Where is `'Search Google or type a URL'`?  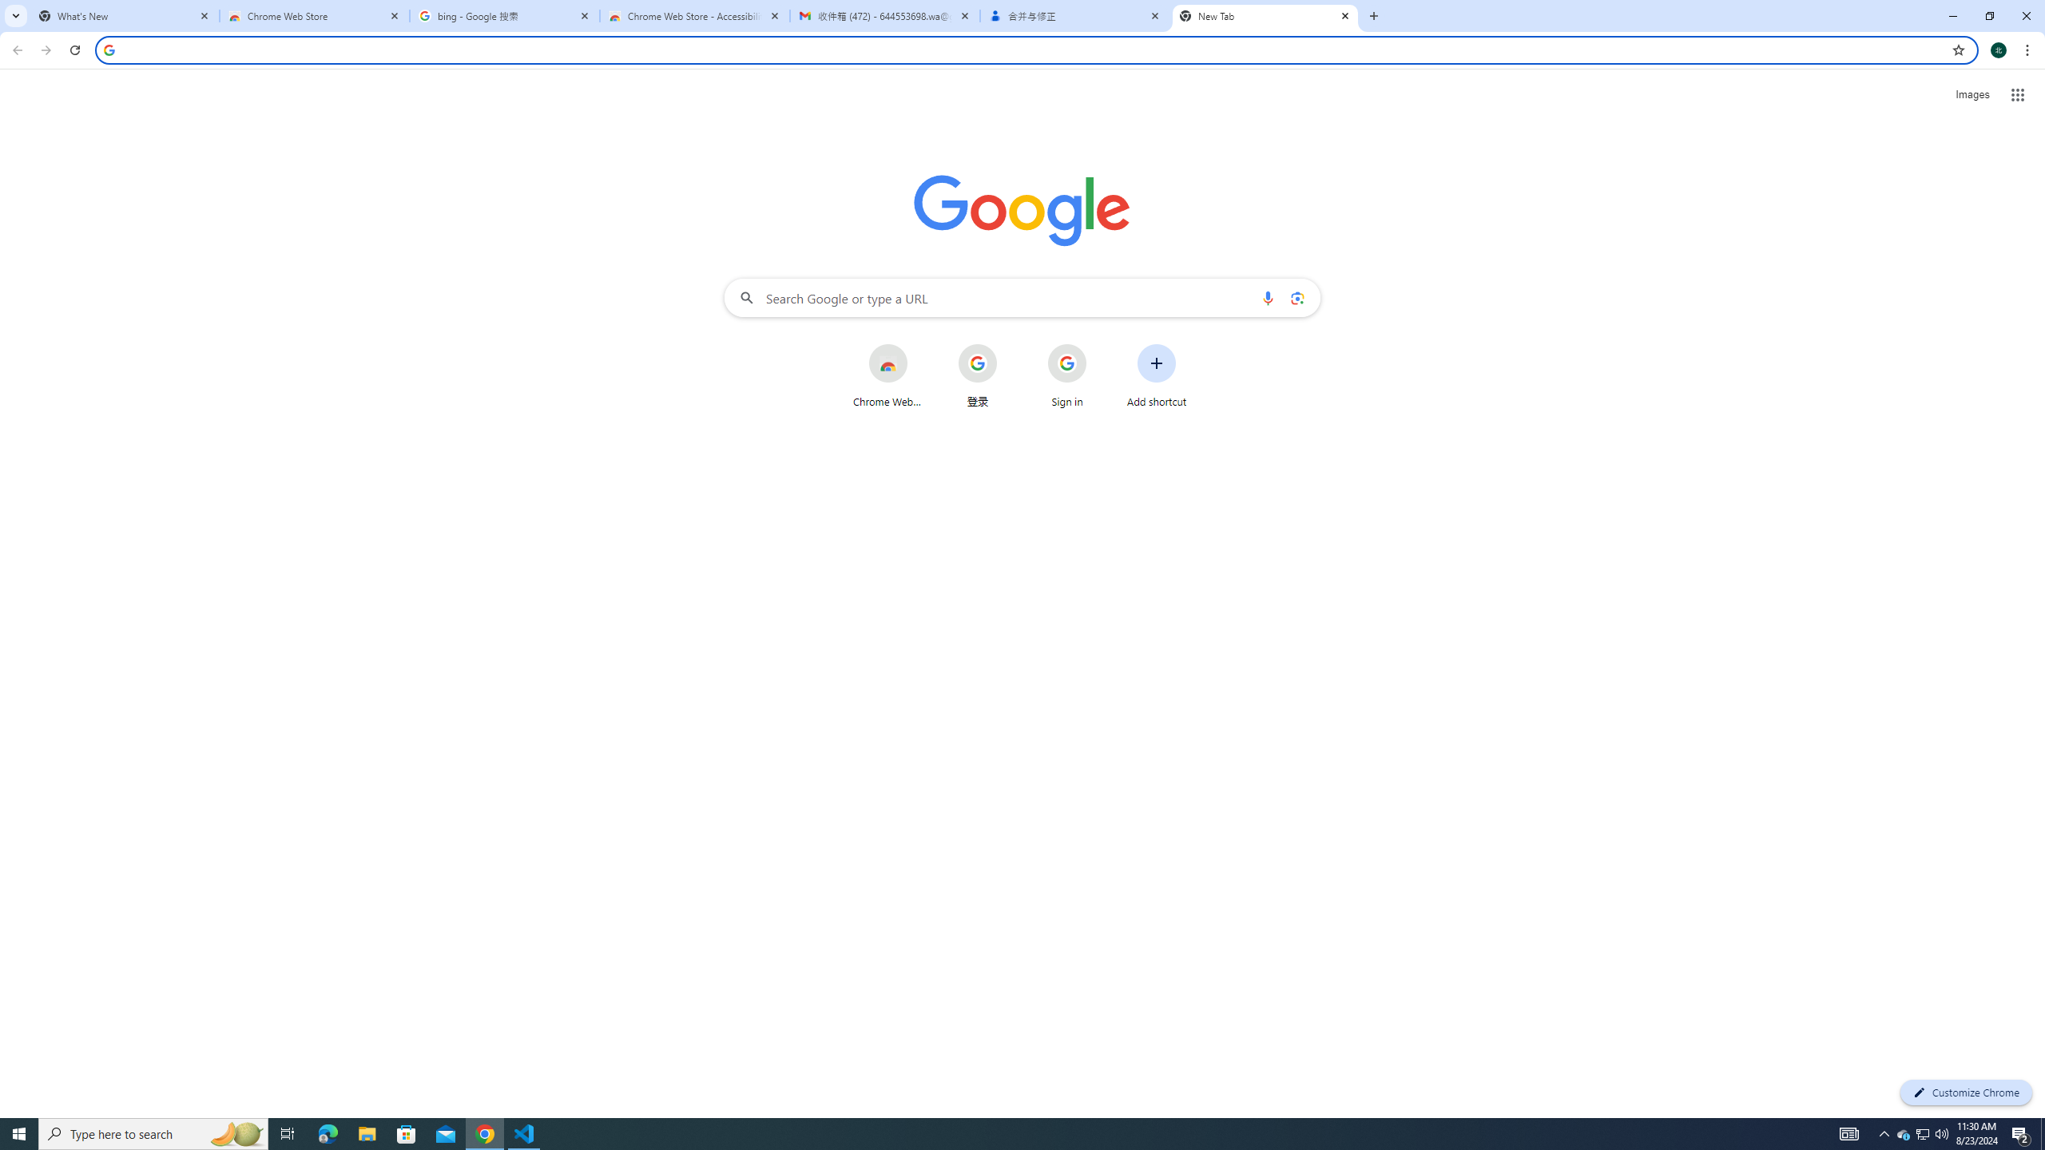 'Search Google or type a URL' is located at coordinates (1022, 296).